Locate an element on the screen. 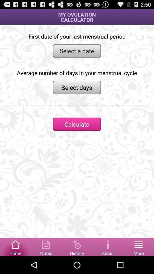  access information about app is located at coordinates (108, 246).